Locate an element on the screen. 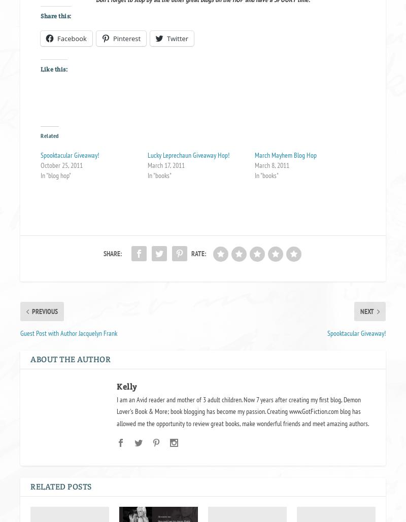 This screenshot has height=522, width=406. 'Share this:' is located at coordinates (41, 15).